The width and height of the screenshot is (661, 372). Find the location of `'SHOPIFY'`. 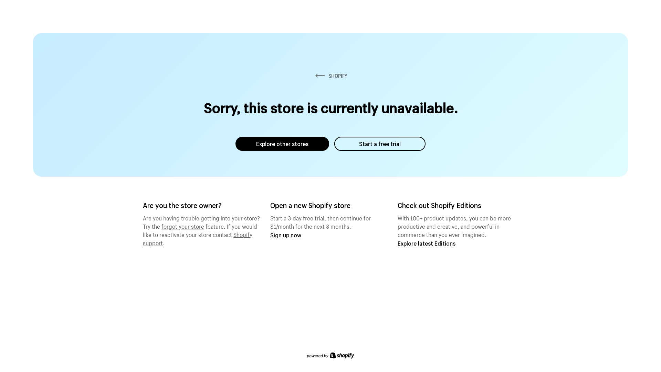

'SHOPIFY' is located at coordinates (330, 76).